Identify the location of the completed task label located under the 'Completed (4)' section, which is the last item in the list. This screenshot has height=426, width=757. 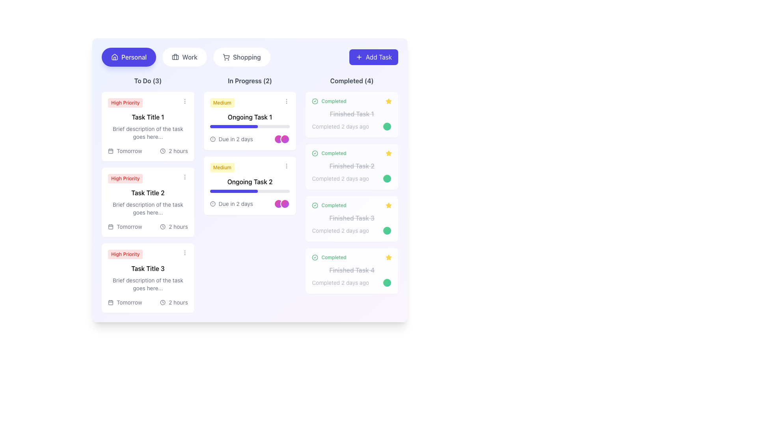
(351, 270).